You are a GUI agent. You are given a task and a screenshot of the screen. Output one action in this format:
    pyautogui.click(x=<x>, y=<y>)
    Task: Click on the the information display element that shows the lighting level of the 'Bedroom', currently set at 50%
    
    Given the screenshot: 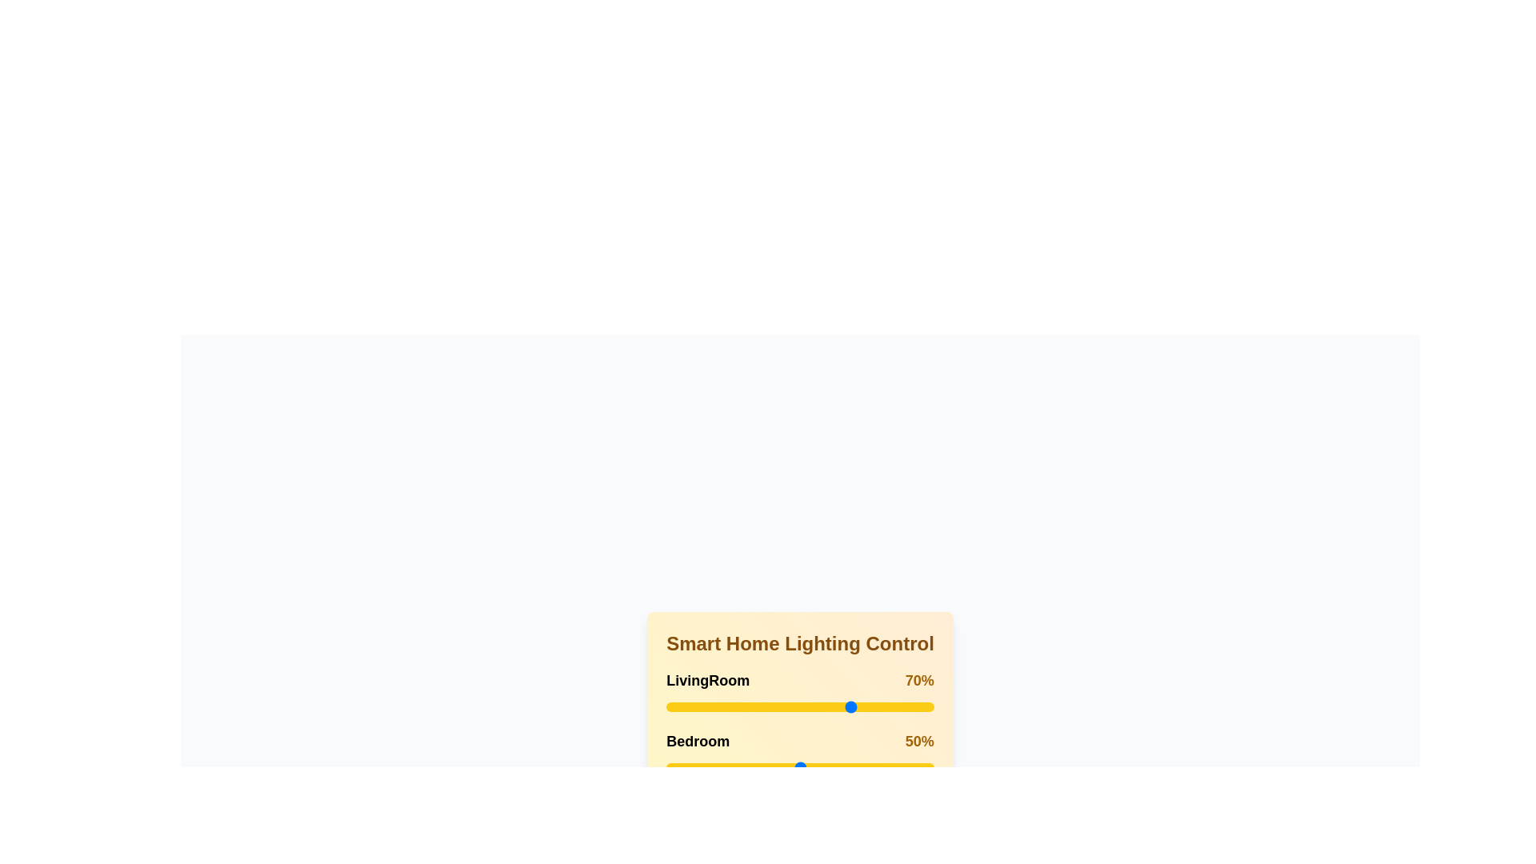 What is the action you would take?
    pyautogui.click(x=800, y=741)
    